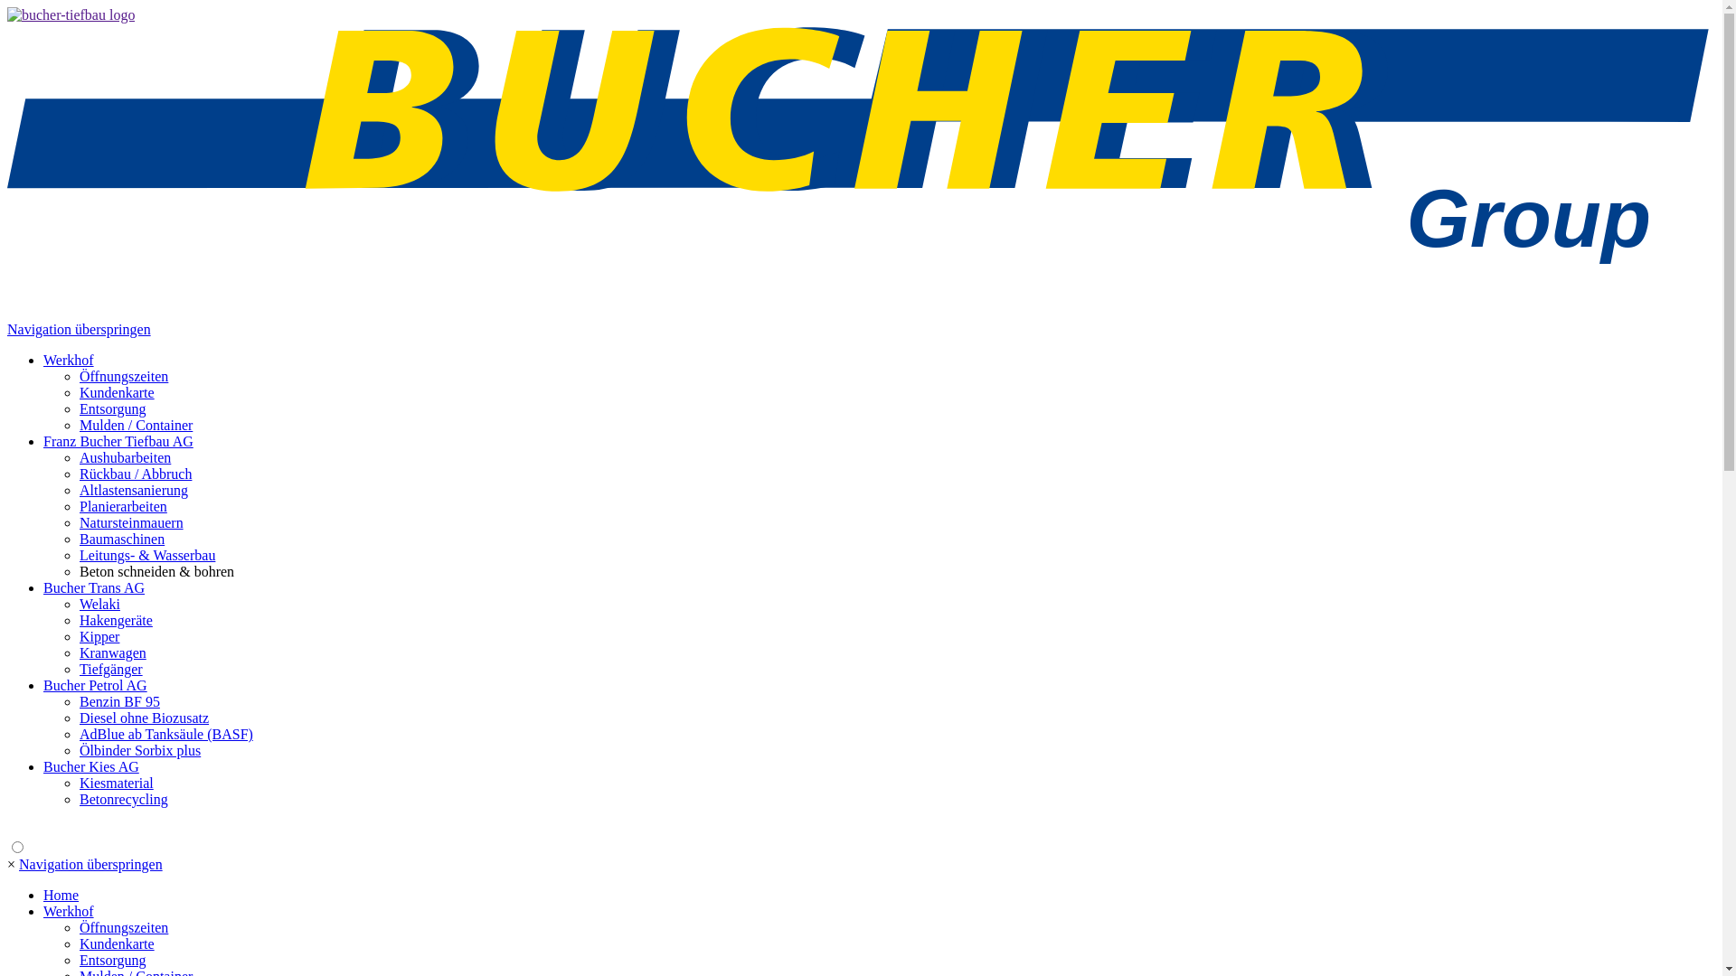 Image resolution: width=1736 pixels, height=976 pixels. Describe the element at coordinates (123, 798) in the screenshot. I see `'Betonrecycling'` at that location.